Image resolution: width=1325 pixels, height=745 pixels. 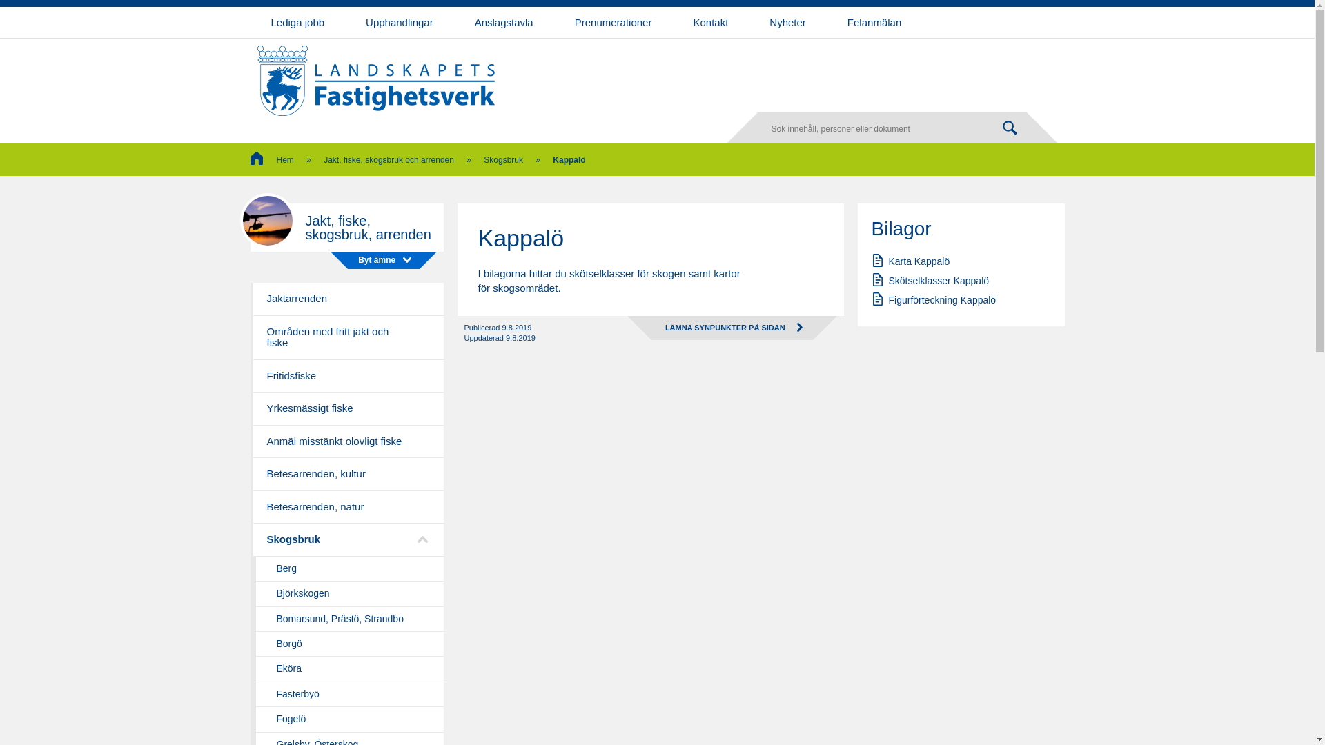 I want to click on 'Upphandlingar', so click(x=399, y=22).